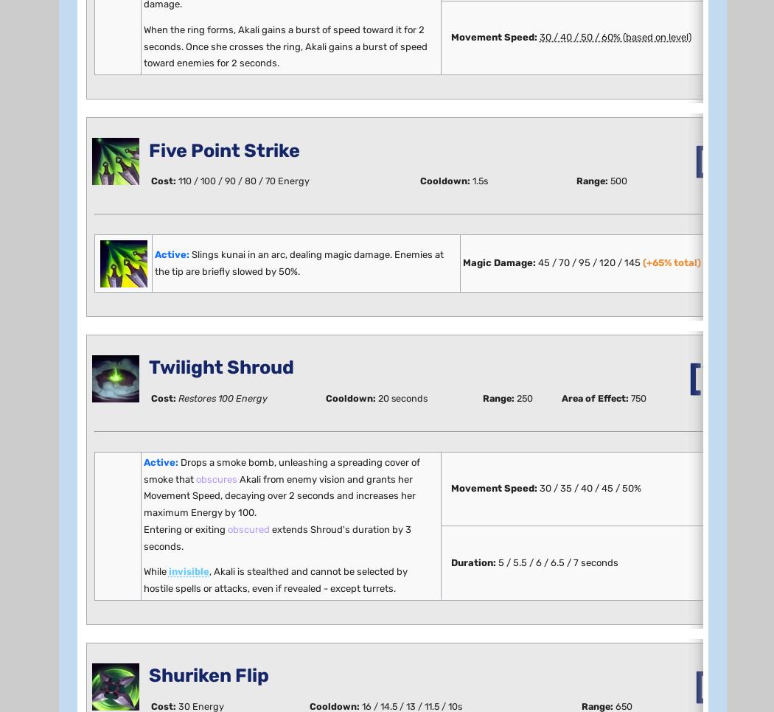 Image resolution: width=774 pixels, height=712 pixels. What do you see at coordinates (112, 161) in the screenshot?
I see `'Patch 9.5'` at bounding box center [112, 161].